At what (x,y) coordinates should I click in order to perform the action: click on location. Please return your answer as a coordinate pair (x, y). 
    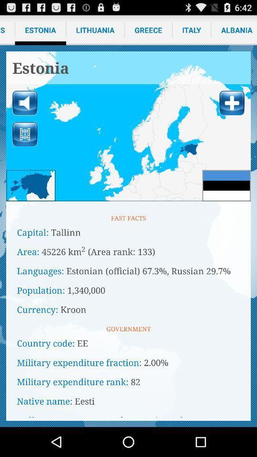
    Looking at the image, I should click on (231, 103).